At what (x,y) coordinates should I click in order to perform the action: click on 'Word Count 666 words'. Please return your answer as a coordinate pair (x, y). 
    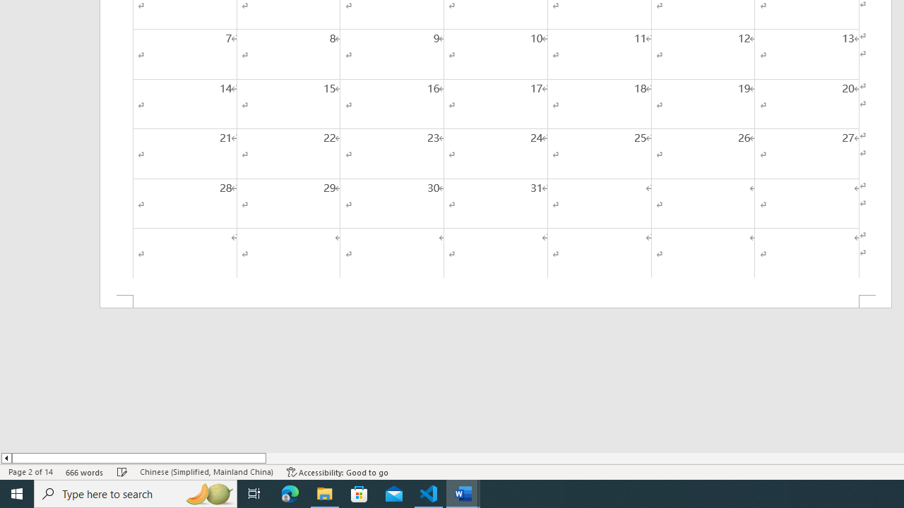
    Looking at the image, I should click on (84, 472).